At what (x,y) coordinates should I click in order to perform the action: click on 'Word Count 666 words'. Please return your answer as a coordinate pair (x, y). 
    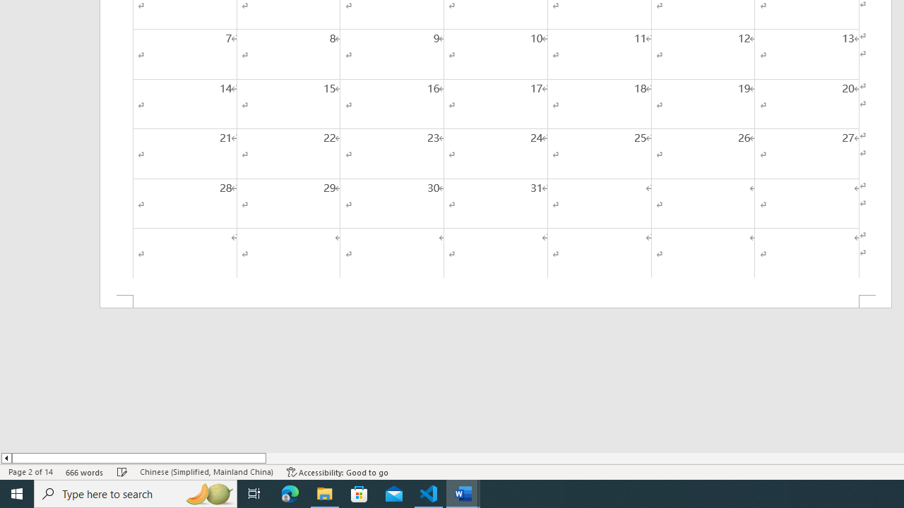
    Looking at the image, I should click on (84, 472).